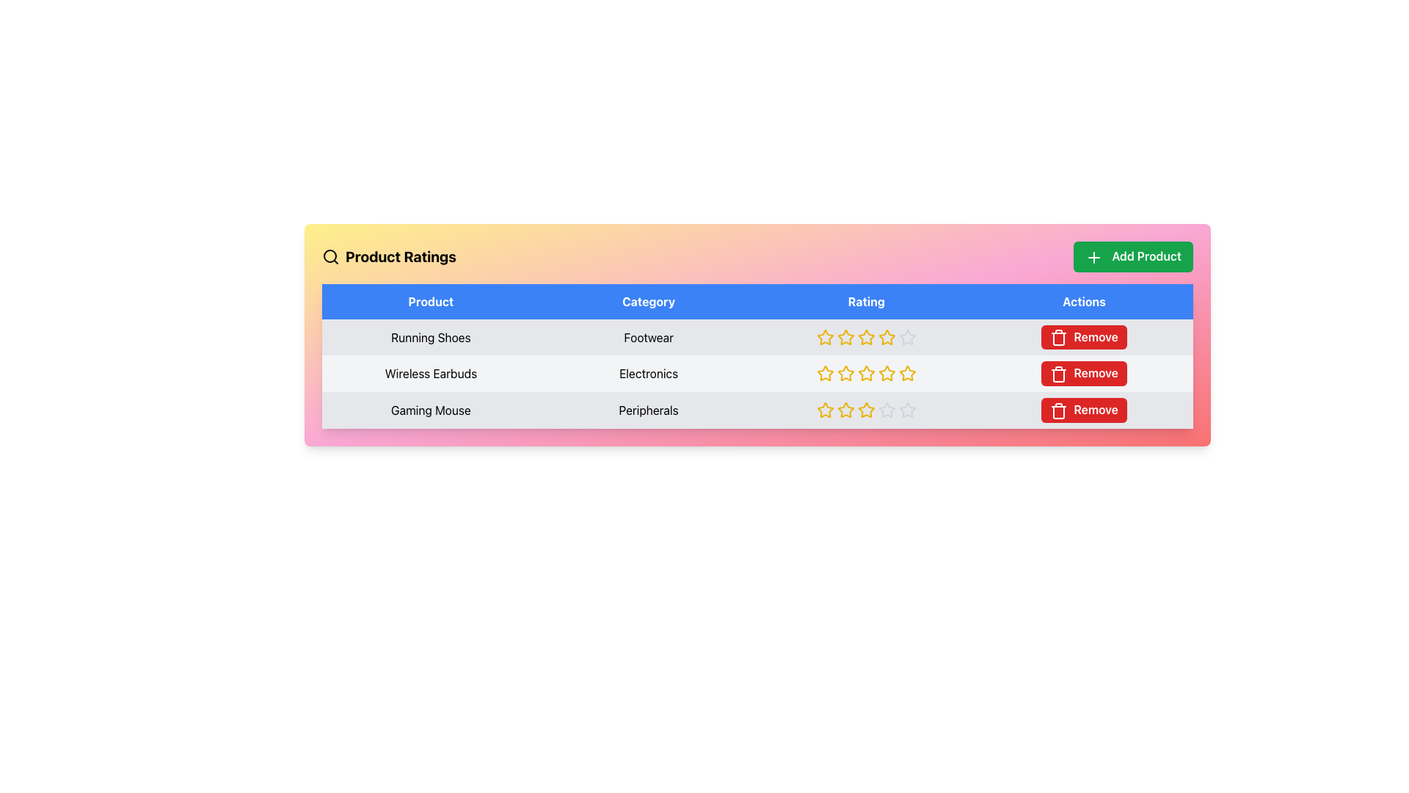  What do you see at coordinates (1059, 410) in the screenshot?
I see `the trash icon embedded within the red 'Remove' button in the 'Actions' column corresponding to the 'Wireless Earbuds' product entry` at bounding box center [1059, 410].